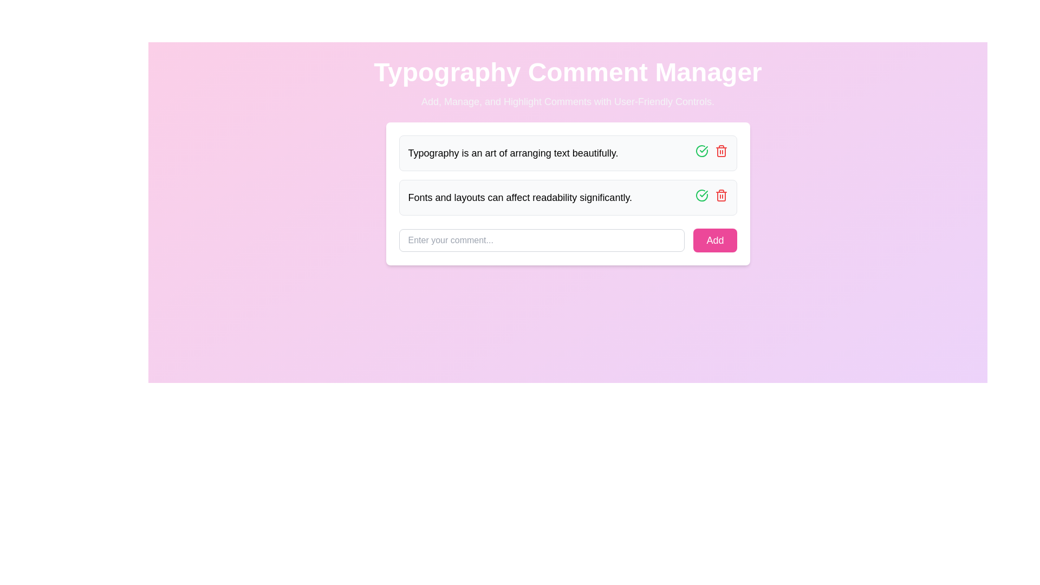 The image size is (1040, 585). I want to click on the text 'Fonts and layouts can affect readability significantly.' displayed in a sans-serif font style within the second comment box, which is highlighted by a rounded rectangle background, so click(520, 198).